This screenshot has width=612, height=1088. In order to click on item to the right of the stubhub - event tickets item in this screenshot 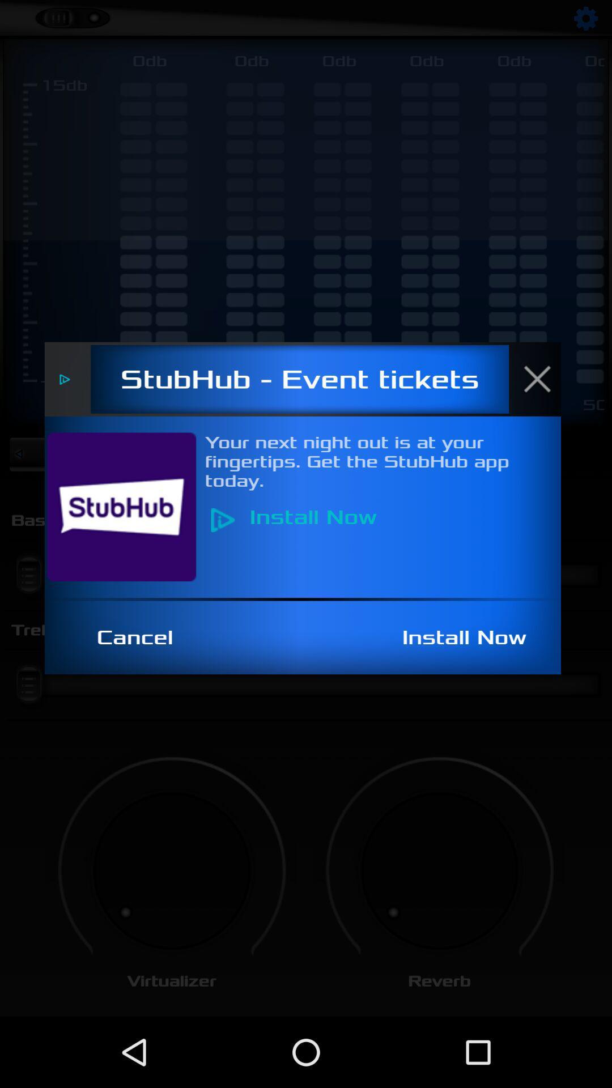, I will do `click(543, 379)`.